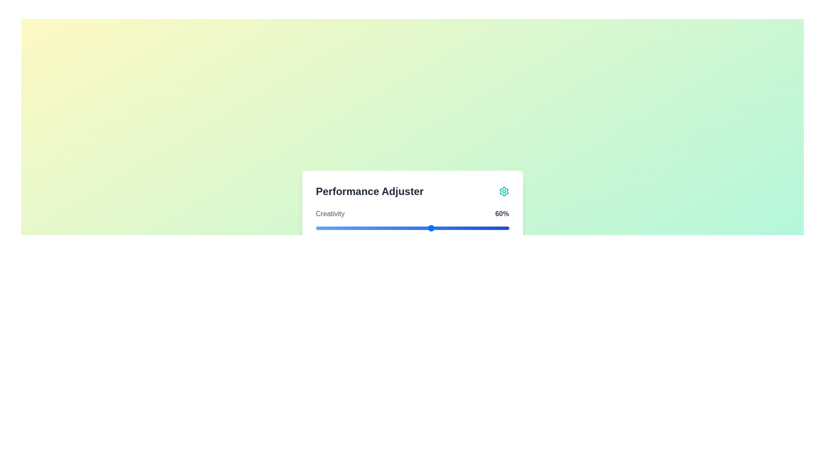  Describe the element at coordinates (335, 227) in the screenshot. I see `the slider to set the value to 10%` at that location.